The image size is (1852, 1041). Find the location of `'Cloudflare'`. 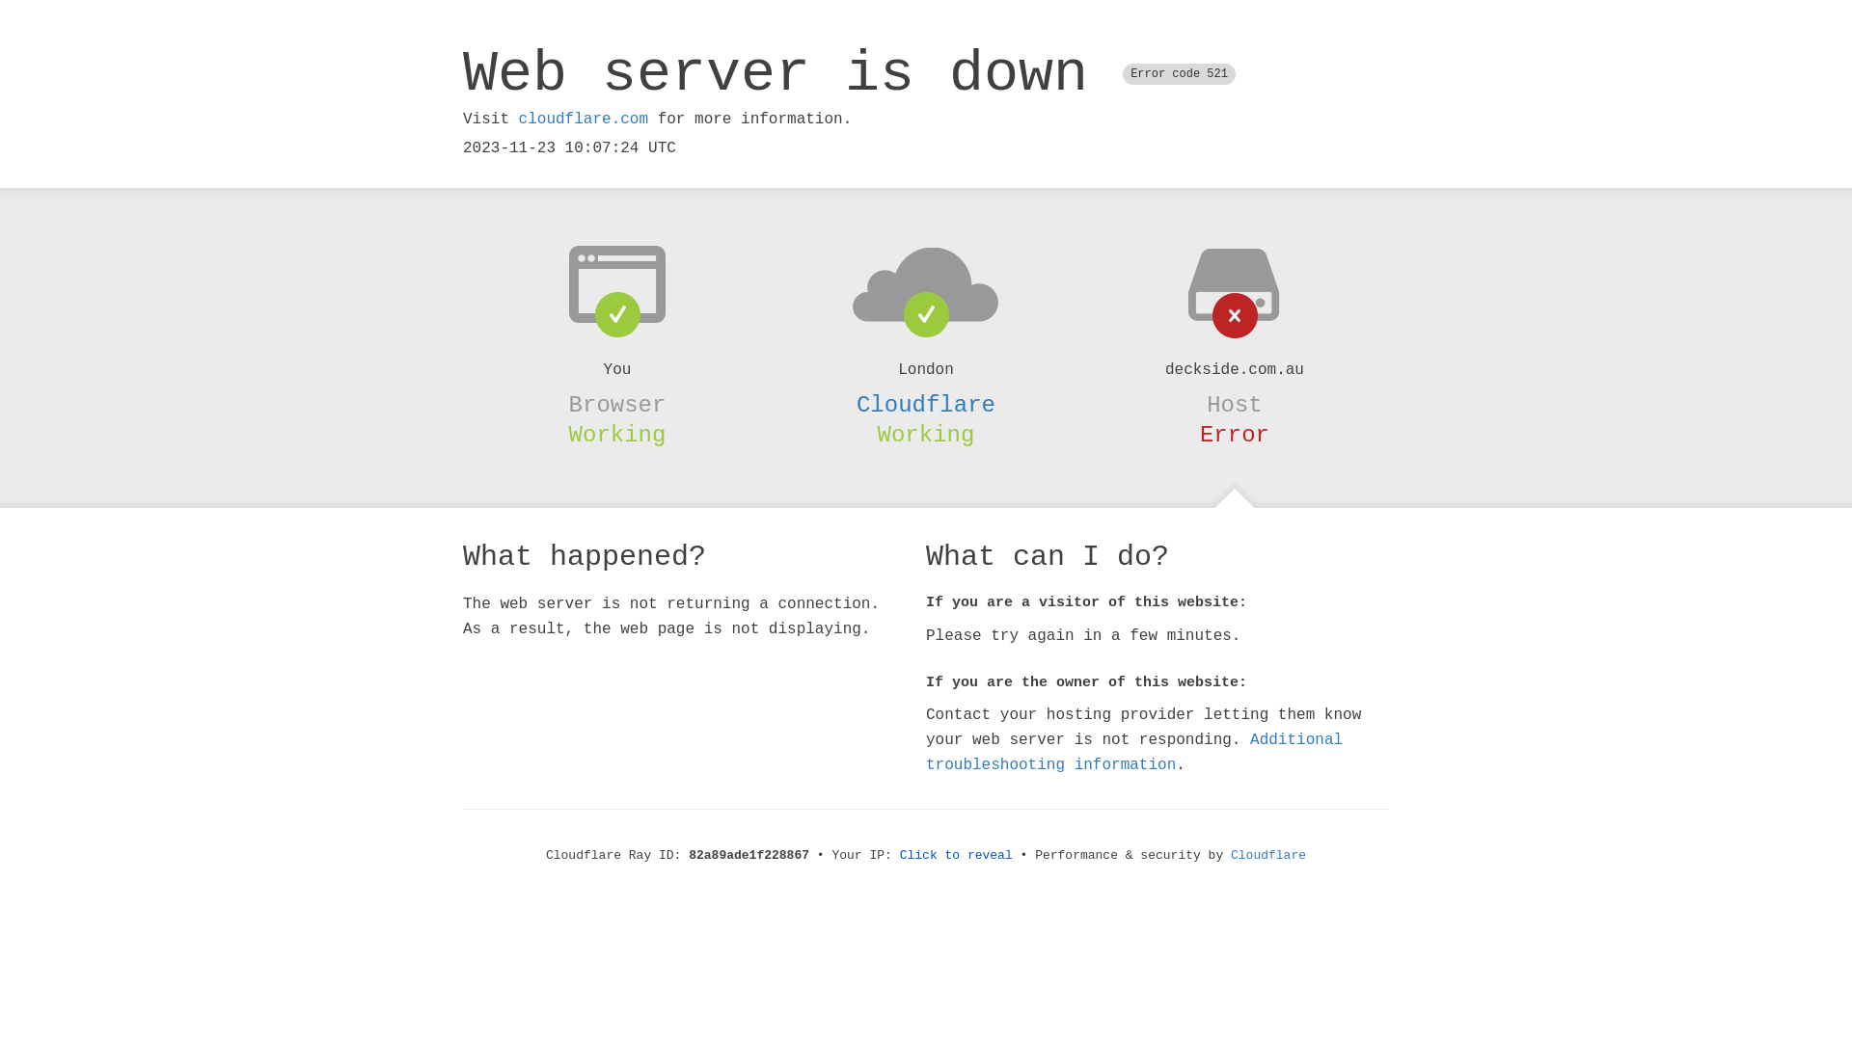

'Cloudflare' is located at coordinates (1268, 854).